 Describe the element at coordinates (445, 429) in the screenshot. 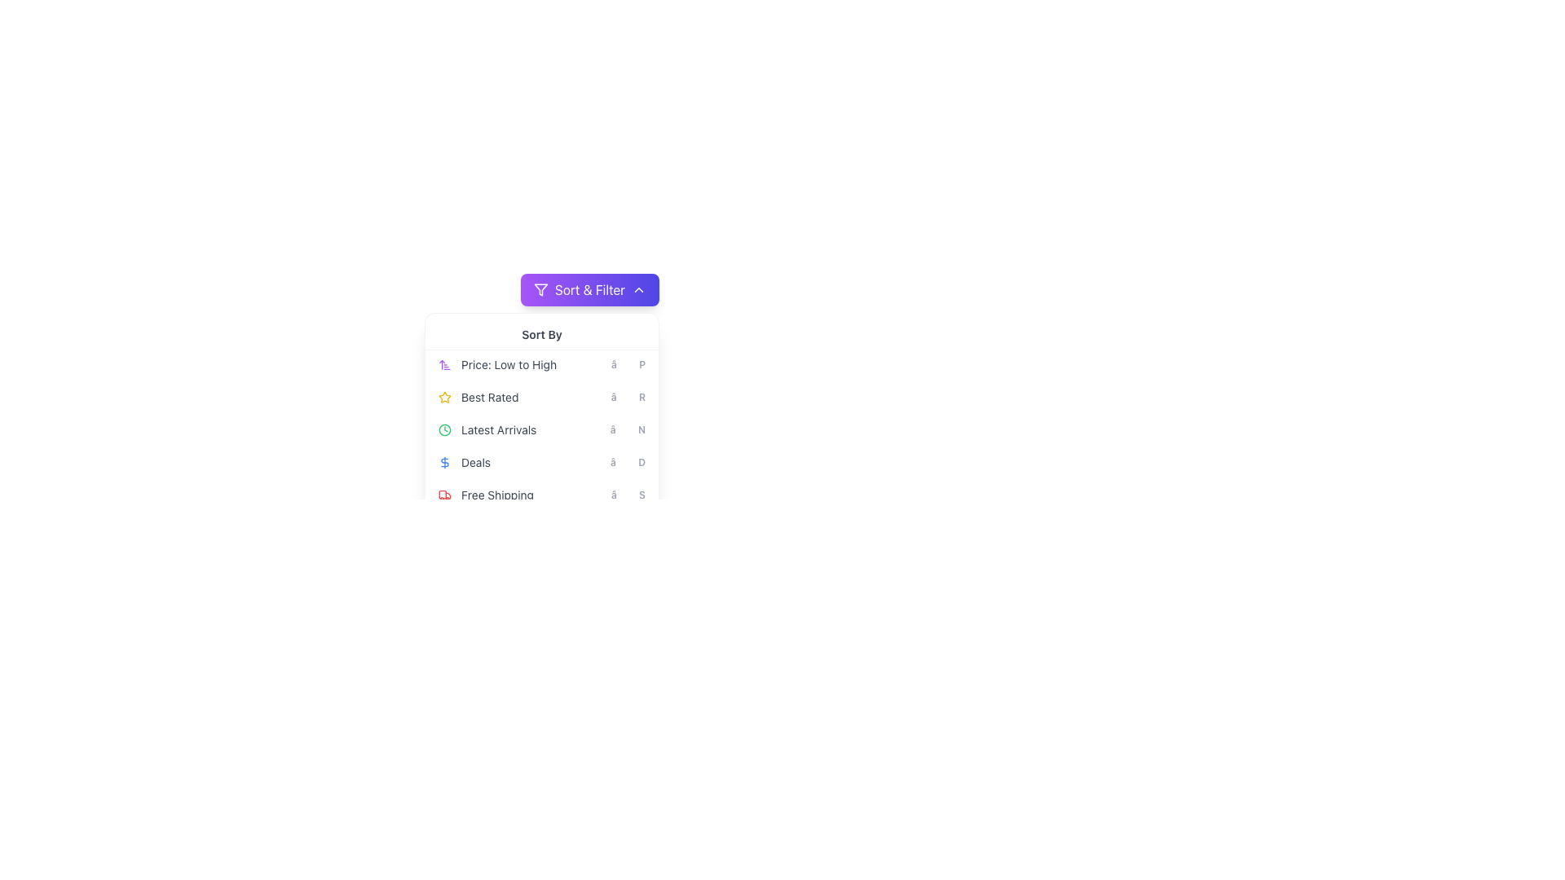

I see `the green clock icon with a circular outline located to the left of the 'Latest Arrivals' text in the third option of the vertical list` at that location.